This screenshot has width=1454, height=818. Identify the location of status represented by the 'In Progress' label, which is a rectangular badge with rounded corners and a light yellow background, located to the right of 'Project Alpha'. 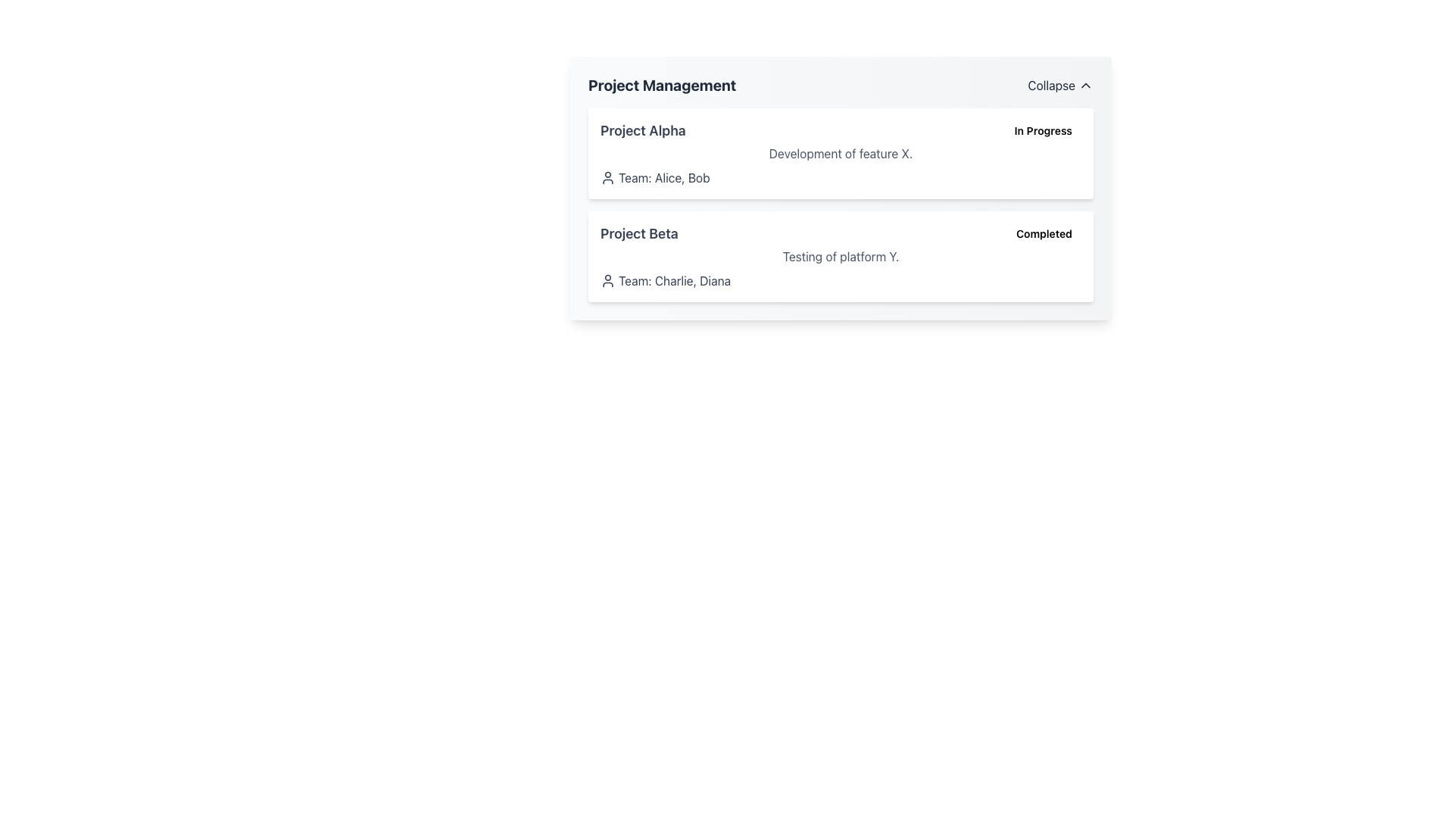
(1042, 130).